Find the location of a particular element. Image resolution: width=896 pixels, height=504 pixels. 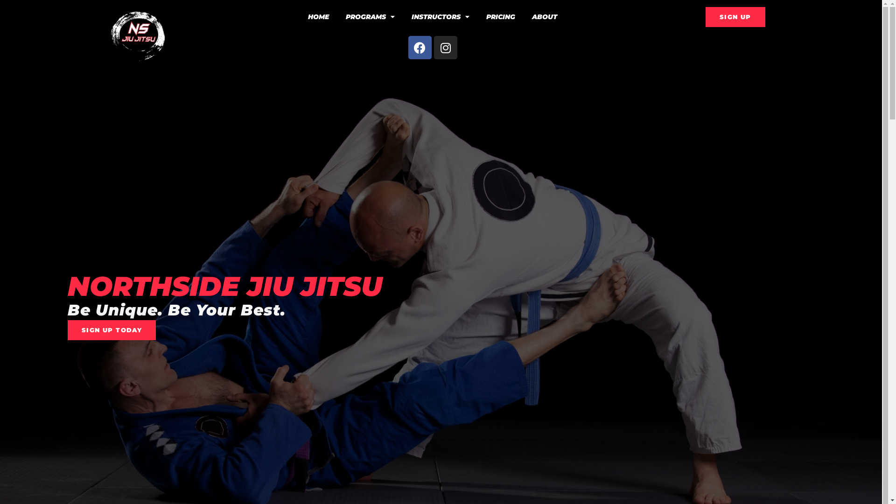

'PROGRAMS' is located at coordinates (370, 16).